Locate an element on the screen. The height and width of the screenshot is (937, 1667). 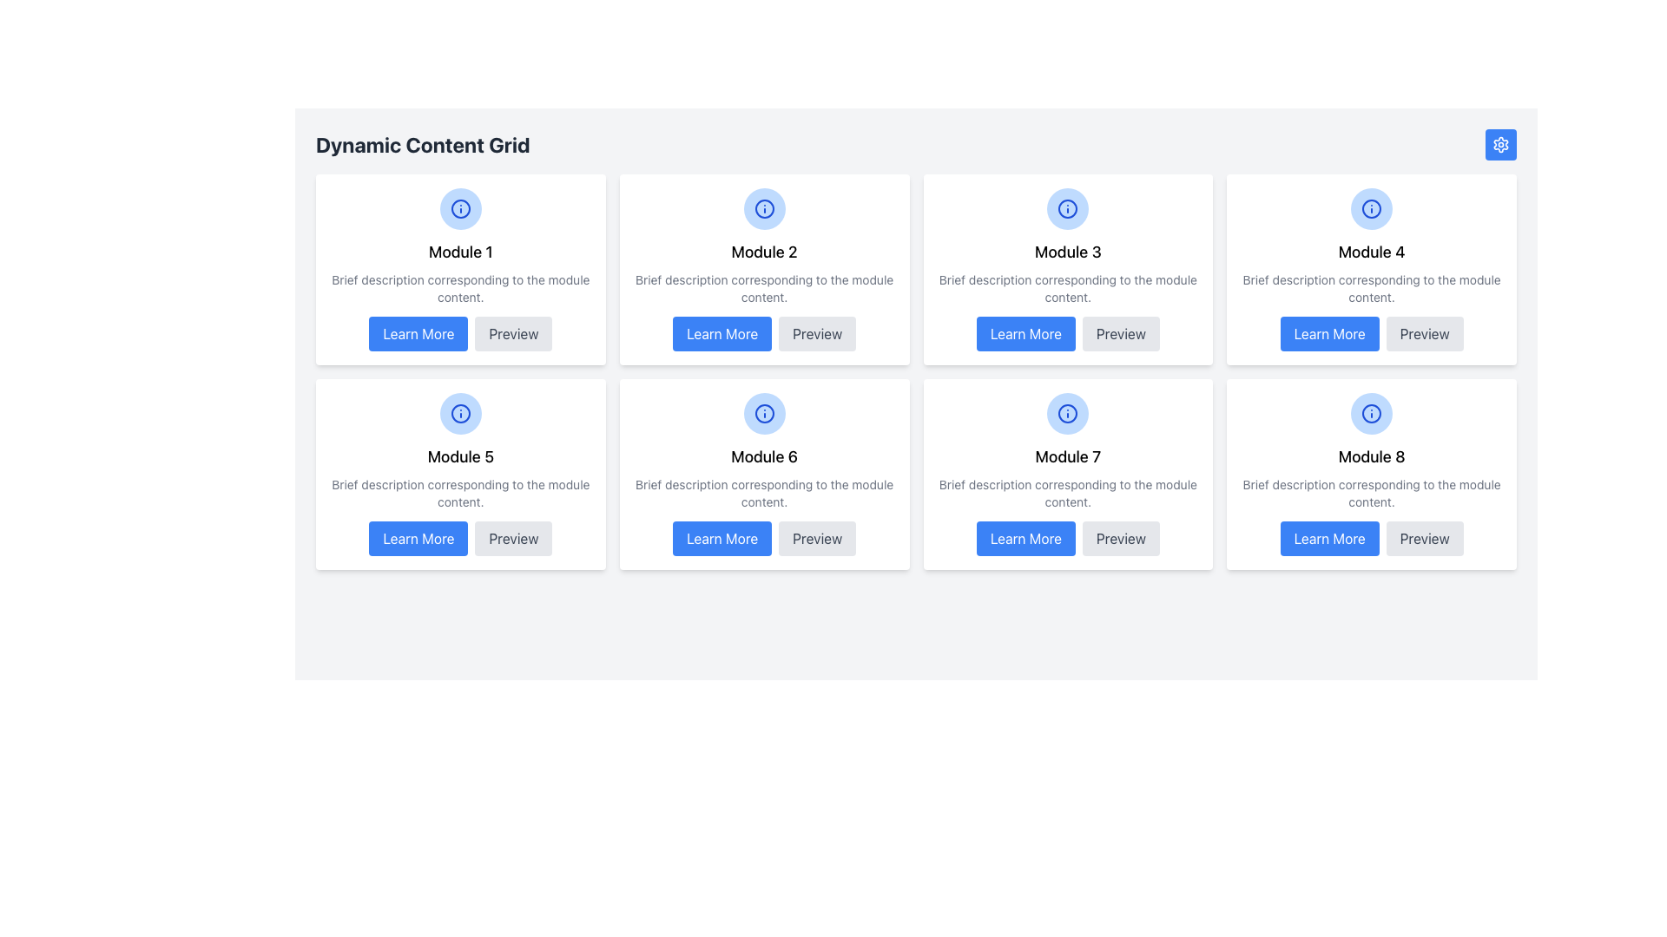
the graphical circle element that is part of the icon above the text labeled 'Module 7' within the seventh grid item is located at coordinates (1067, 414).